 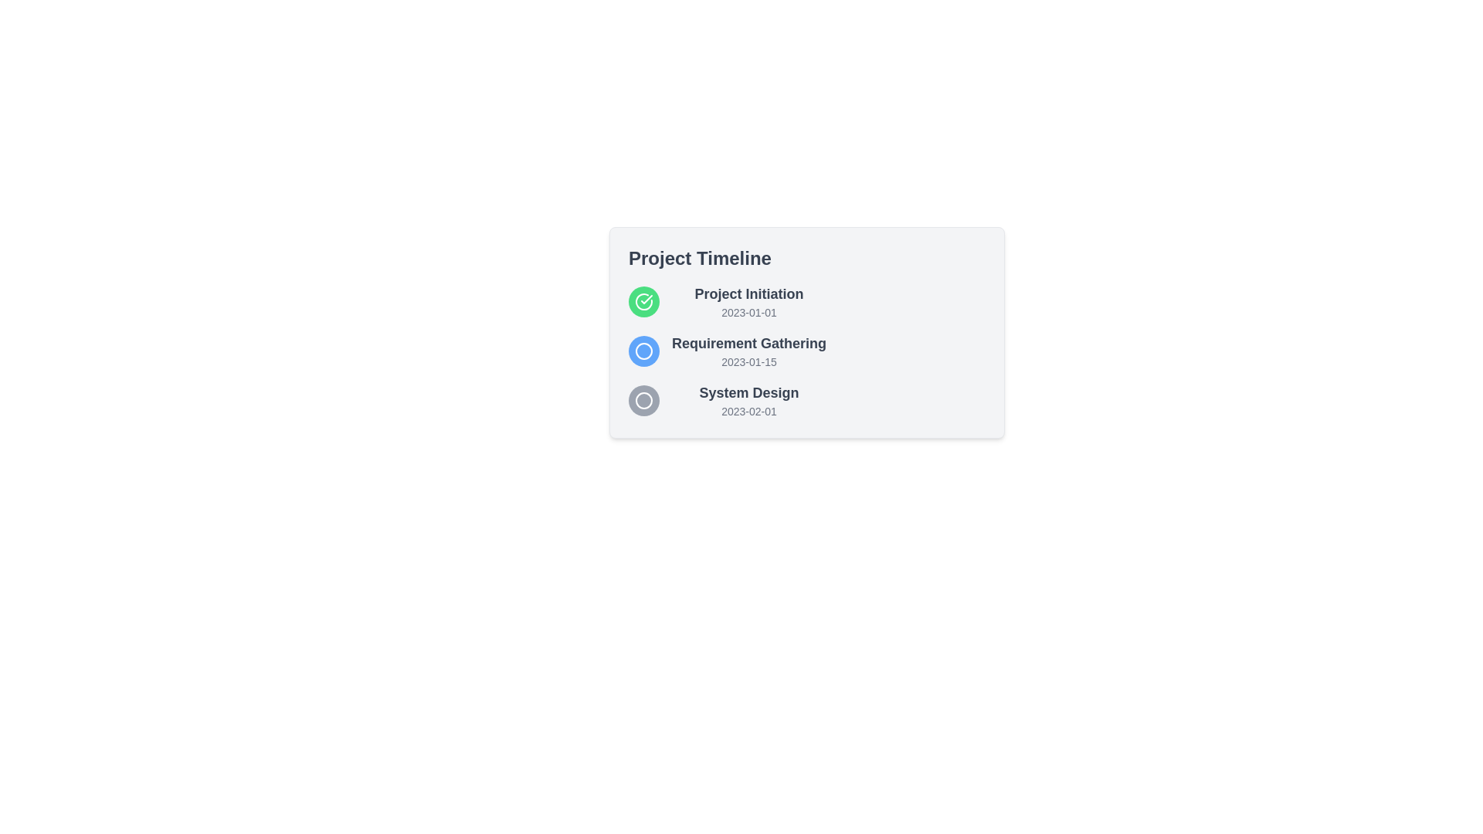 I want to click on the central timeline entry labeled 'Requirement Gathering' with the date '2023-01-15' to focus on it, so click(x=806, y=332).